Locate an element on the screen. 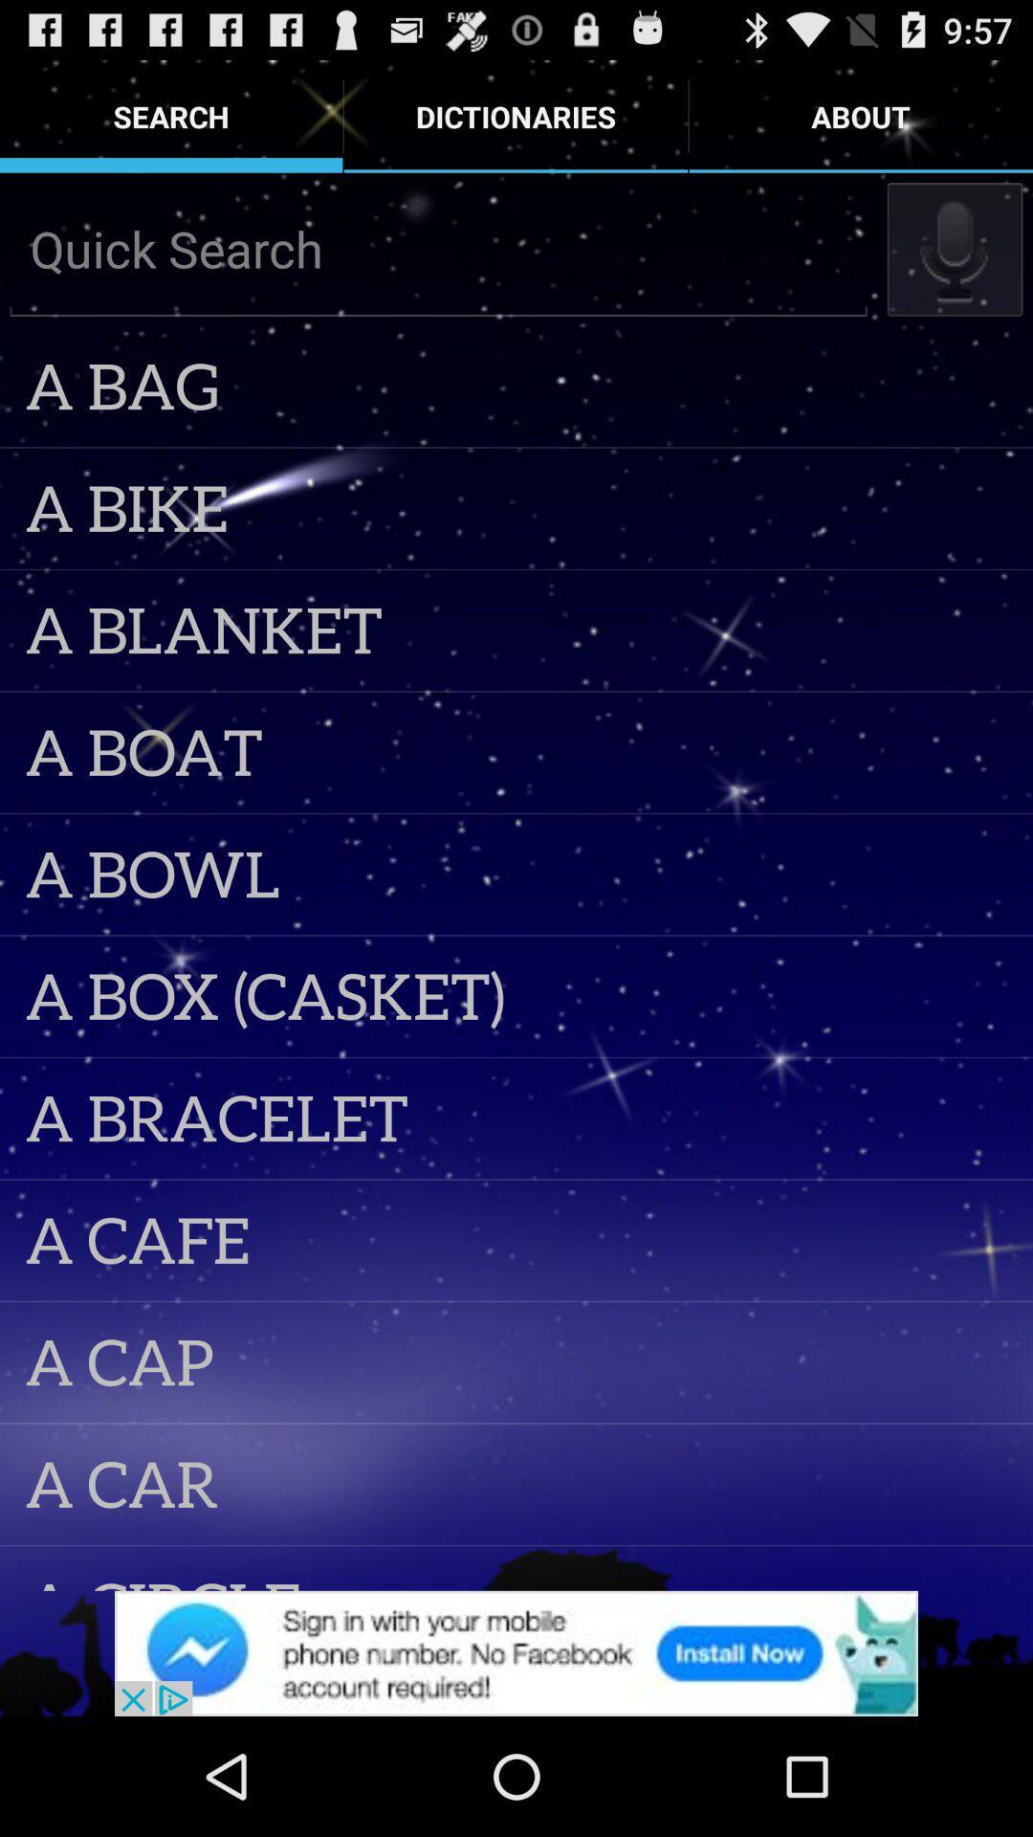 Image resolution: width=1033 pixels, height=1837 pixels. search is located at coordinates (438, 248).